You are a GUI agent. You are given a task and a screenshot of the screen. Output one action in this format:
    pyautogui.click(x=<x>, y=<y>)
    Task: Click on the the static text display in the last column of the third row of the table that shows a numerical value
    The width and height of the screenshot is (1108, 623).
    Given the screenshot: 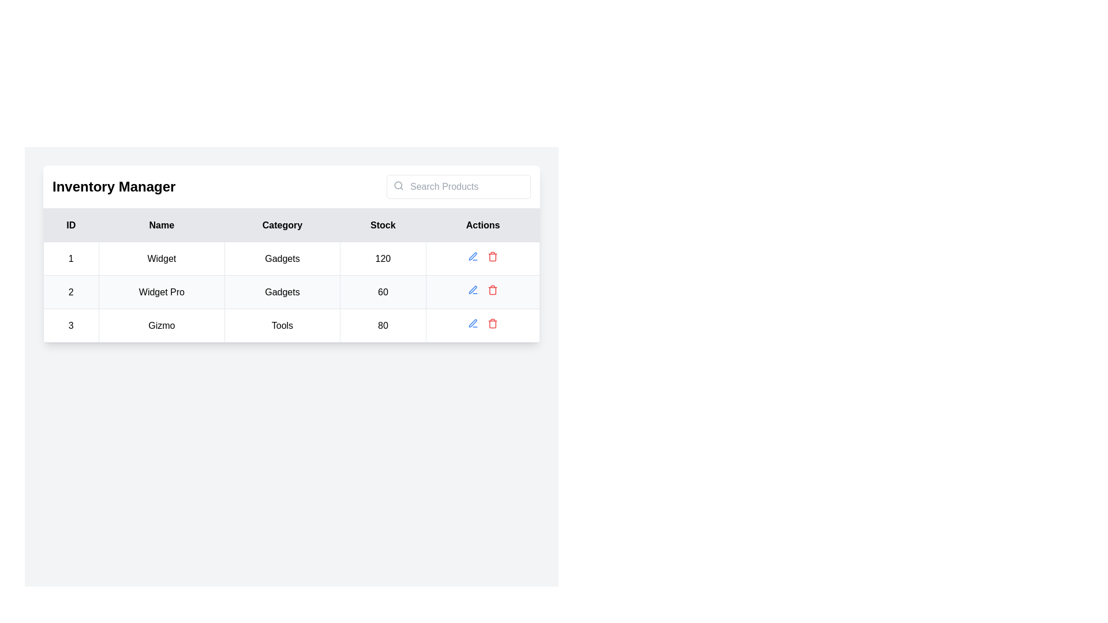 What is the action you would take?
    pyautogui.click(x=383, y=325)
    